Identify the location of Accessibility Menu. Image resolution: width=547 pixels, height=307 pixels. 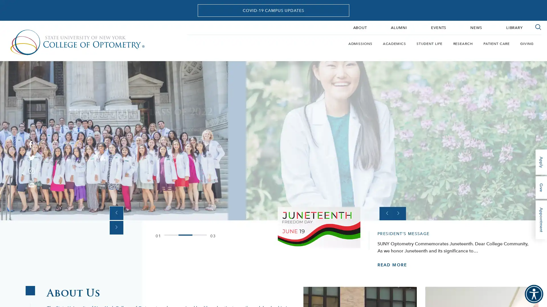
(534, 294).